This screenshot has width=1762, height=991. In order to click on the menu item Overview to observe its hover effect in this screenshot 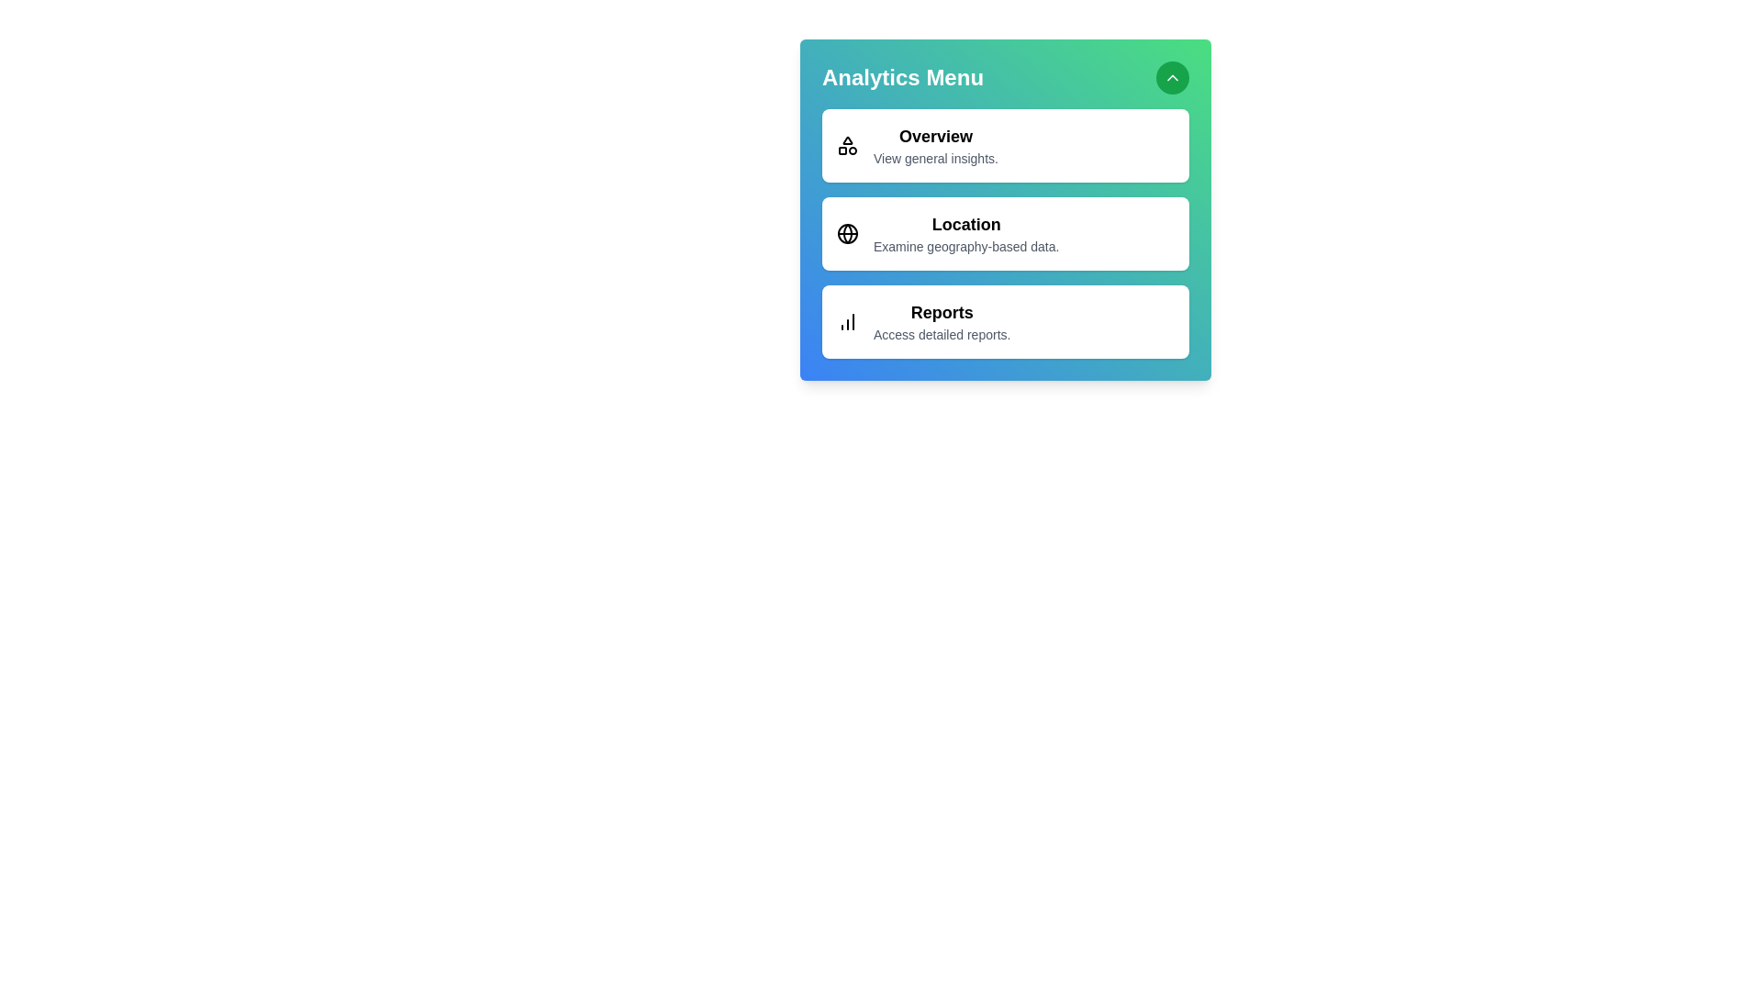, I will do `click(1004, 144)`.